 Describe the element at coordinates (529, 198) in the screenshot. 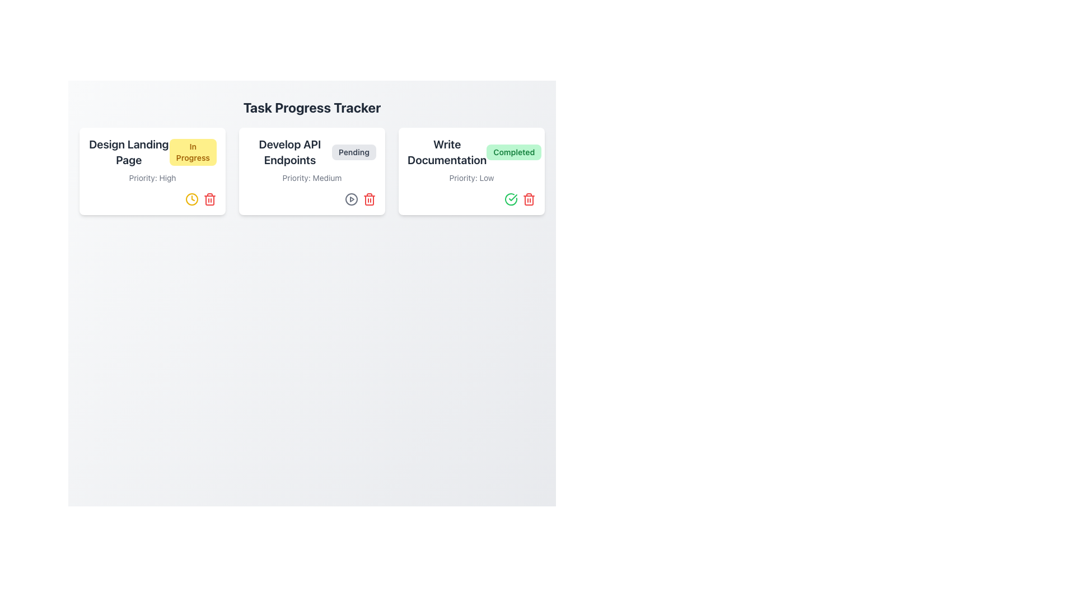

I see `the delete button icon located at the bottom-right corner of the 'Write Documentation' card` at that location.